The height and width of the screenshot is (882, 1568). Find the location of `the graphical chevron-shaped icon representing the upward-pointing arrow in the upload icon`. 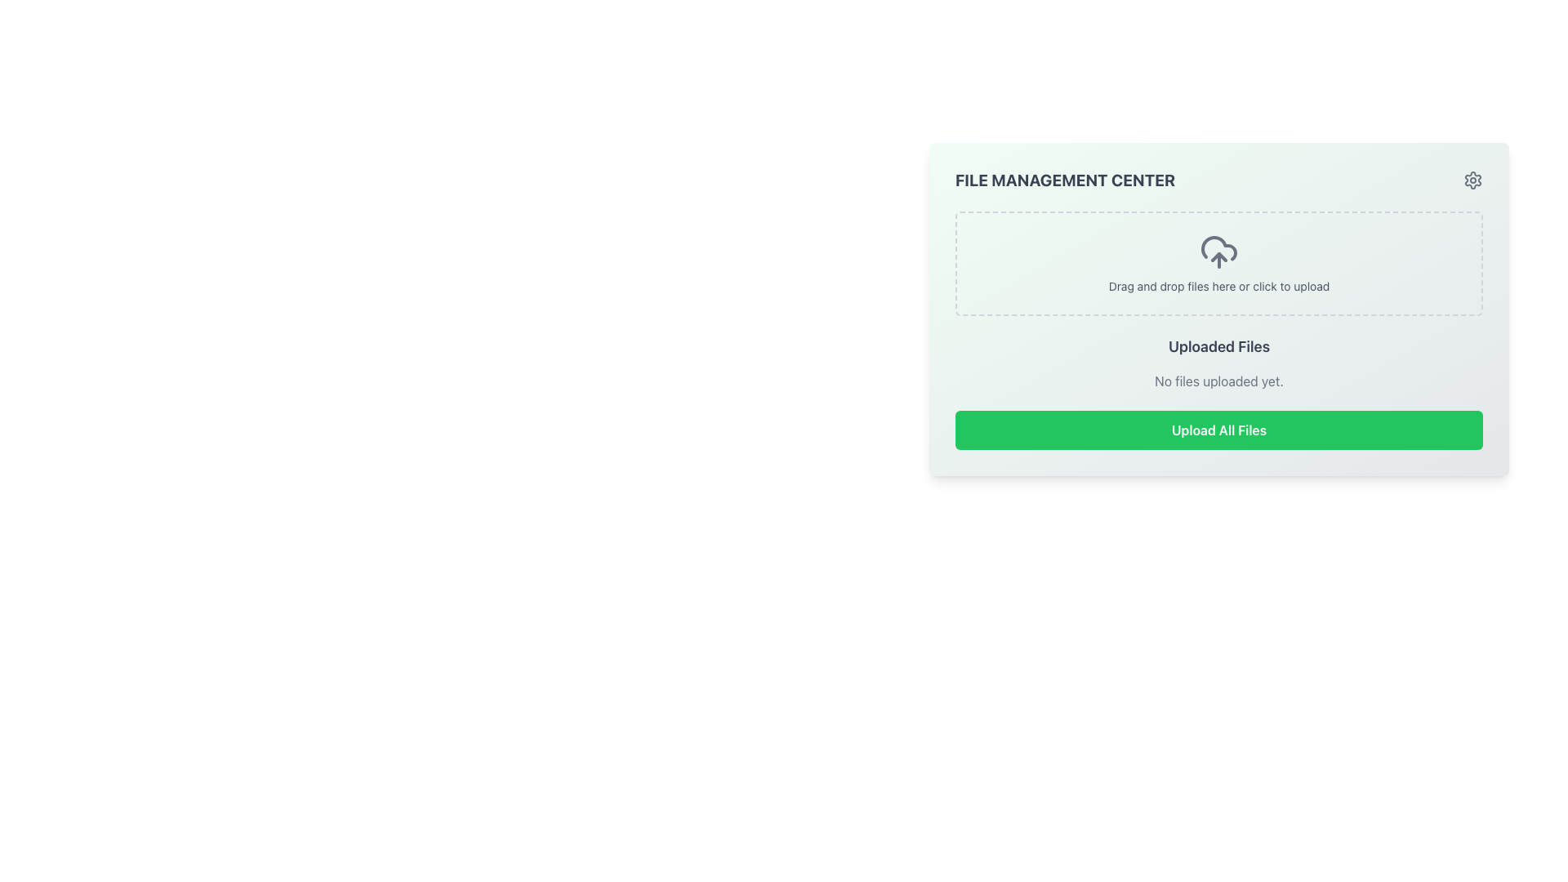

the graphical chevron-shaped icon representing the upward-pointing arrow in the upload icon is located at coordinates (1218, 257).